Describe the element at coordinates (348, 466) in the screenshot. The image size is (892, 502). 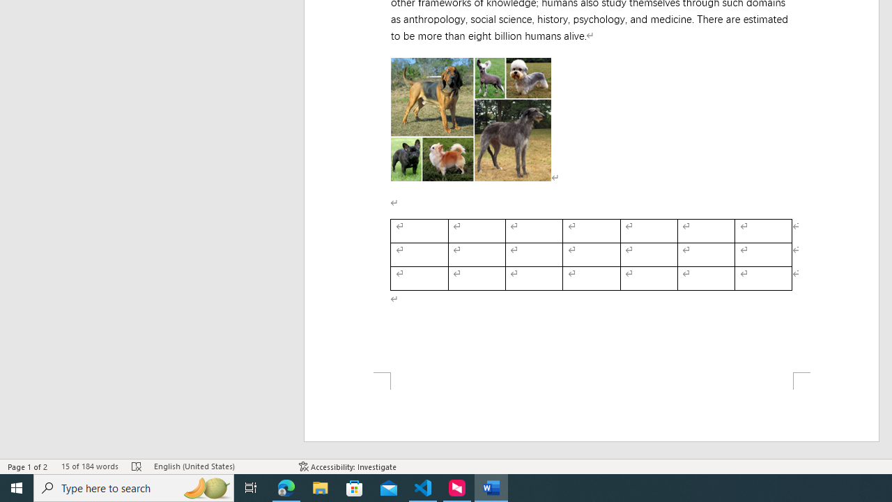
I see `'Accessibility Checker Accessibility: Investigate'` at that location.